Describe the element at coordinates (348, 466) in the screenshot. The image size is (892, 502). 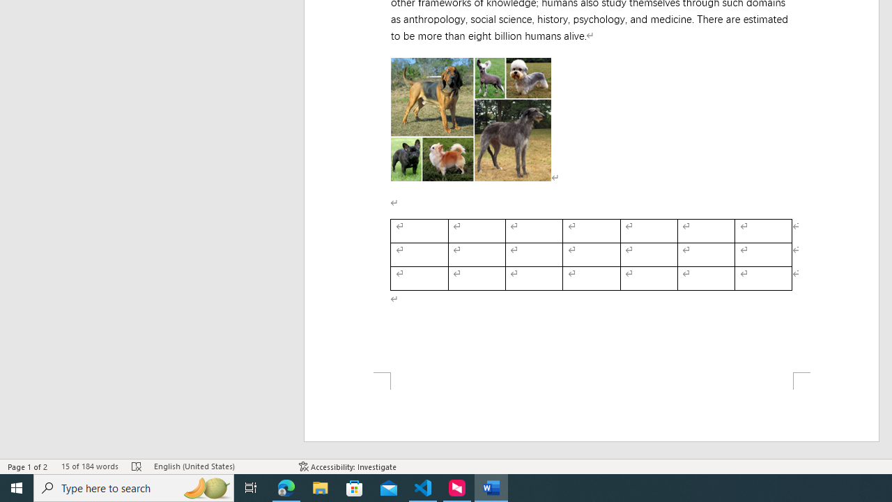
I see `'Accessibility Checker Accessibility: Investigate'` at that location.